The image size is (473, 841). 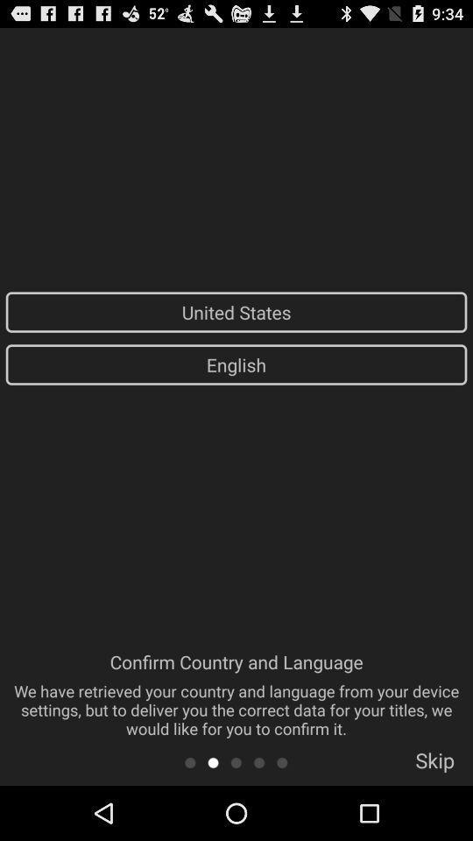 What do you see at coordinates (236, 364) in the screenshot?
I see `app above confirm country and app` at bounding box center [236, 364].